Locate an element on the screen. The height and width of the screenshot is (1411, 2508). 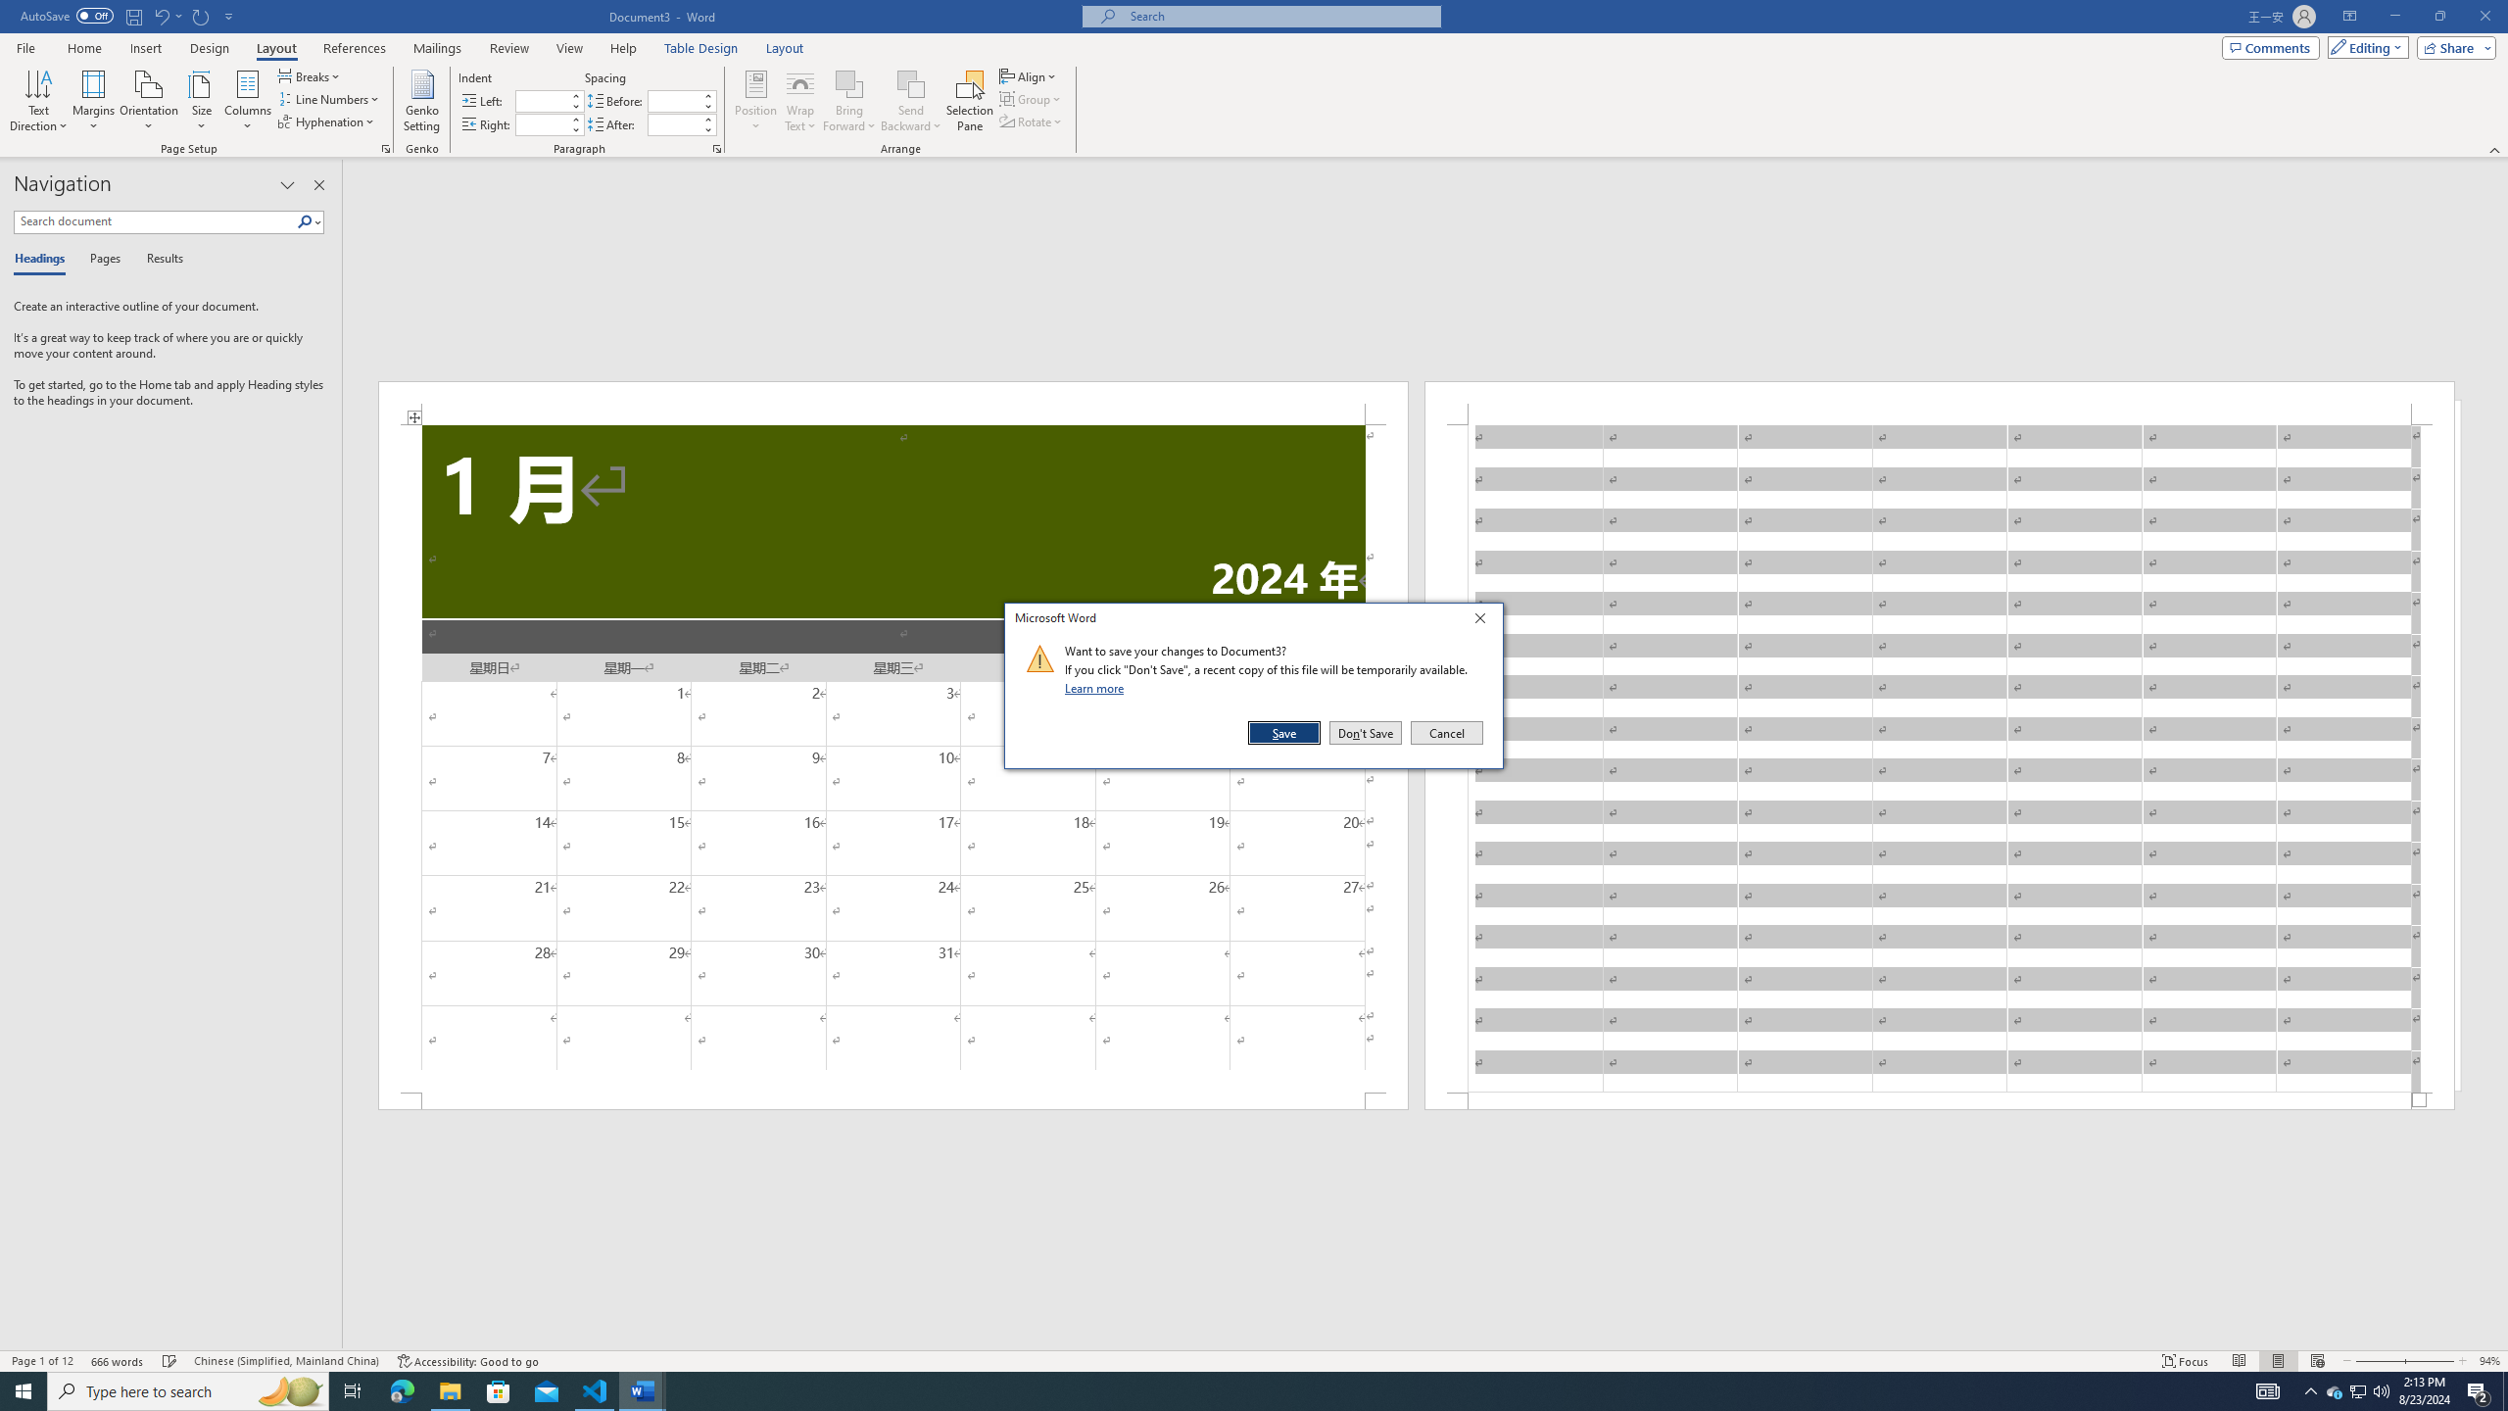
'Action Center, 2 new notifications' is located at coordinates (2479, 1389).